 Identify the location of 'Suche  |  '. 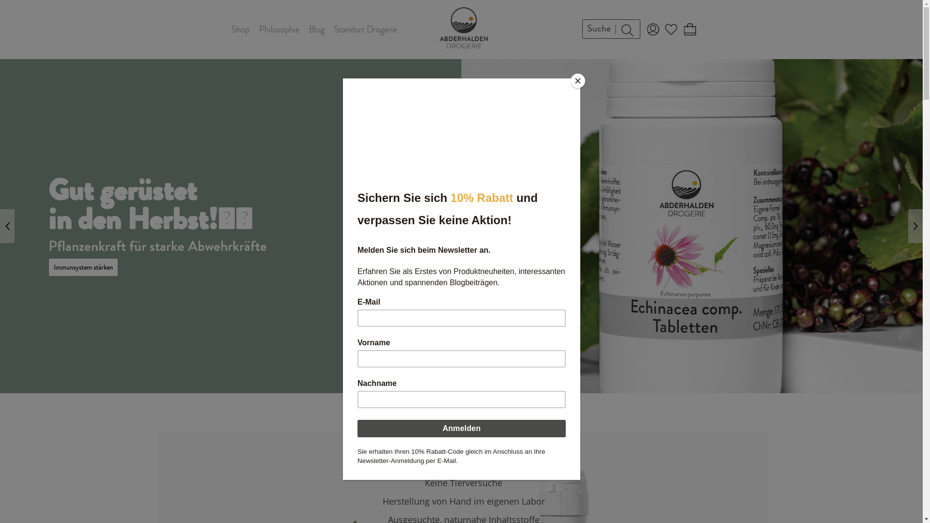
(611, 29).